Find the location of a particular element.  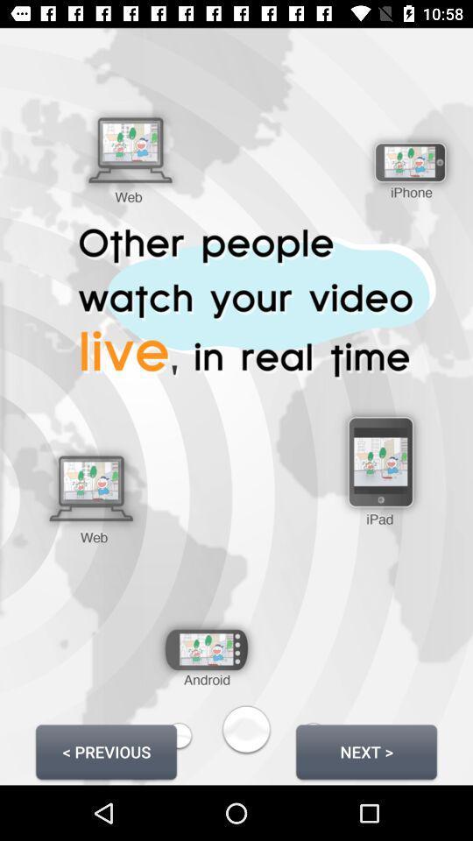

< previous button is located at coordinates (106, 751).